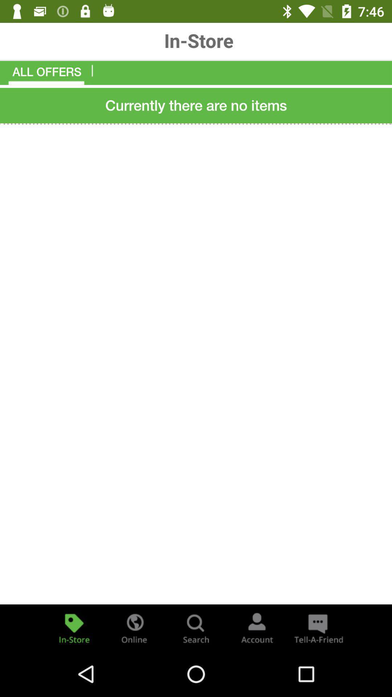  I want to click on tell a friend, so click(317, 627).